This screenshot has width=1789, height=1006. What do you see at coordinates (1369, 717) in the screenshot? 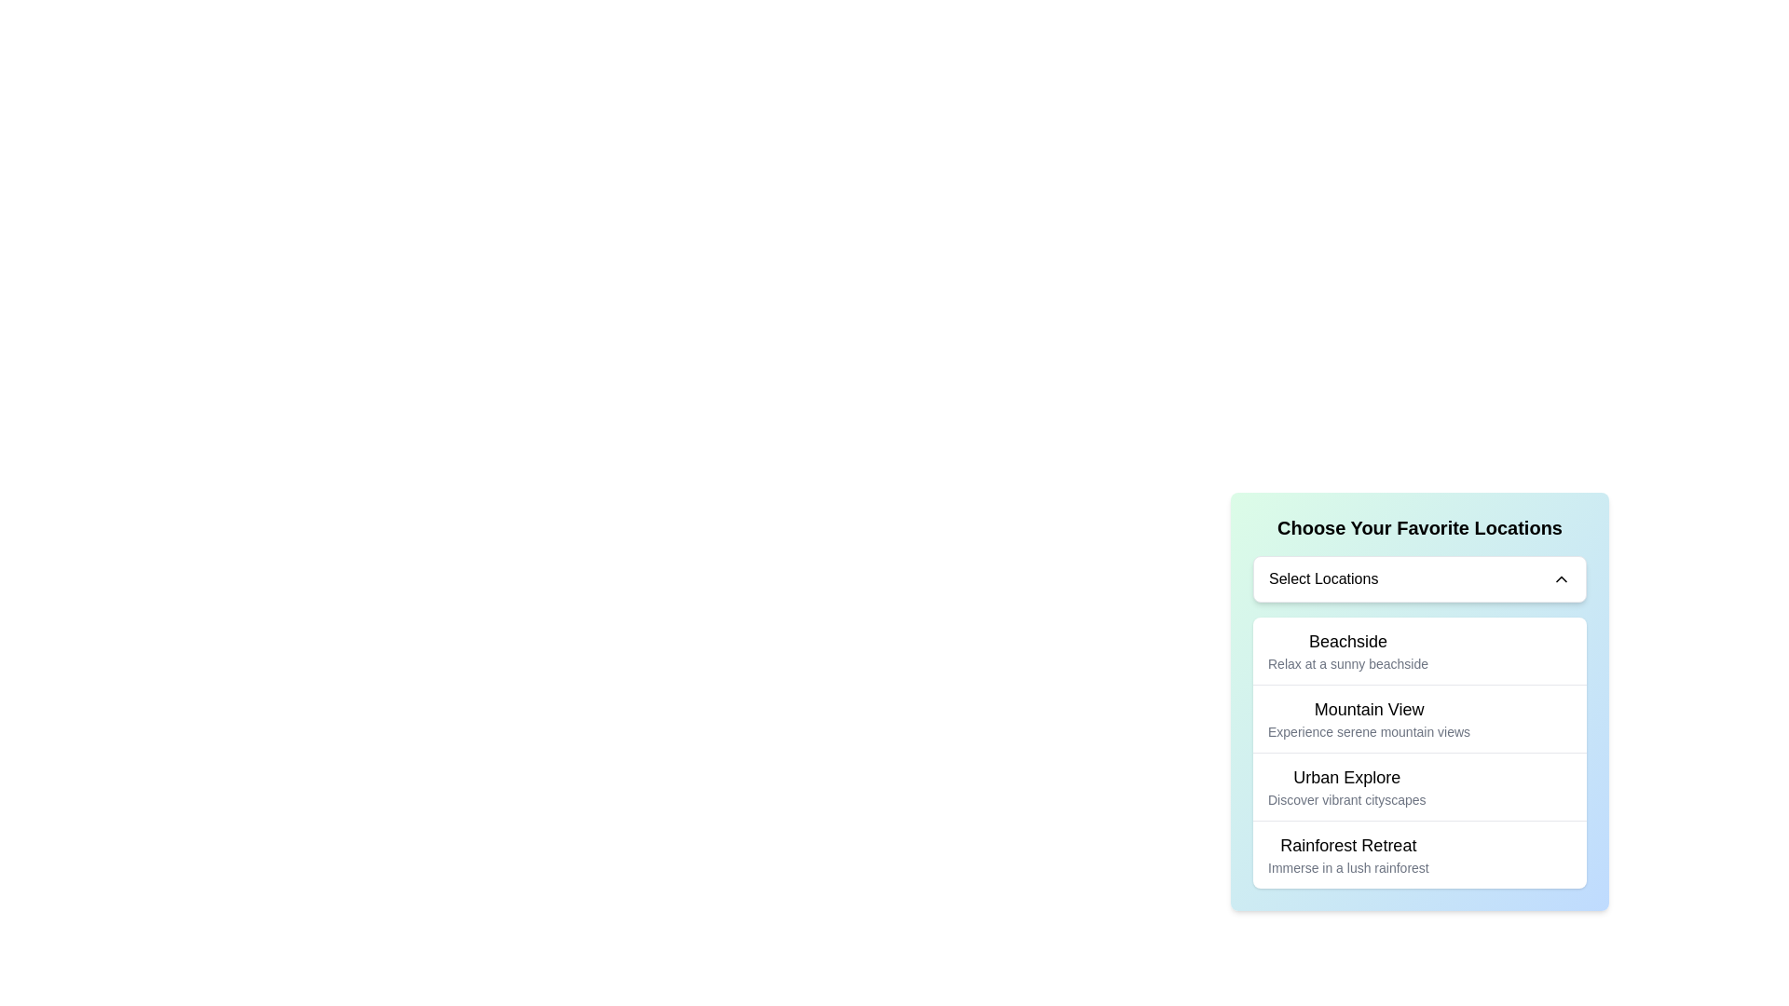
I see `the text label representing the 'Mountain View' location option, which describes 'Experience serene mountain views' in the list under 'Choose Your Favorite Locations'` at bounding box center [1369, 717].